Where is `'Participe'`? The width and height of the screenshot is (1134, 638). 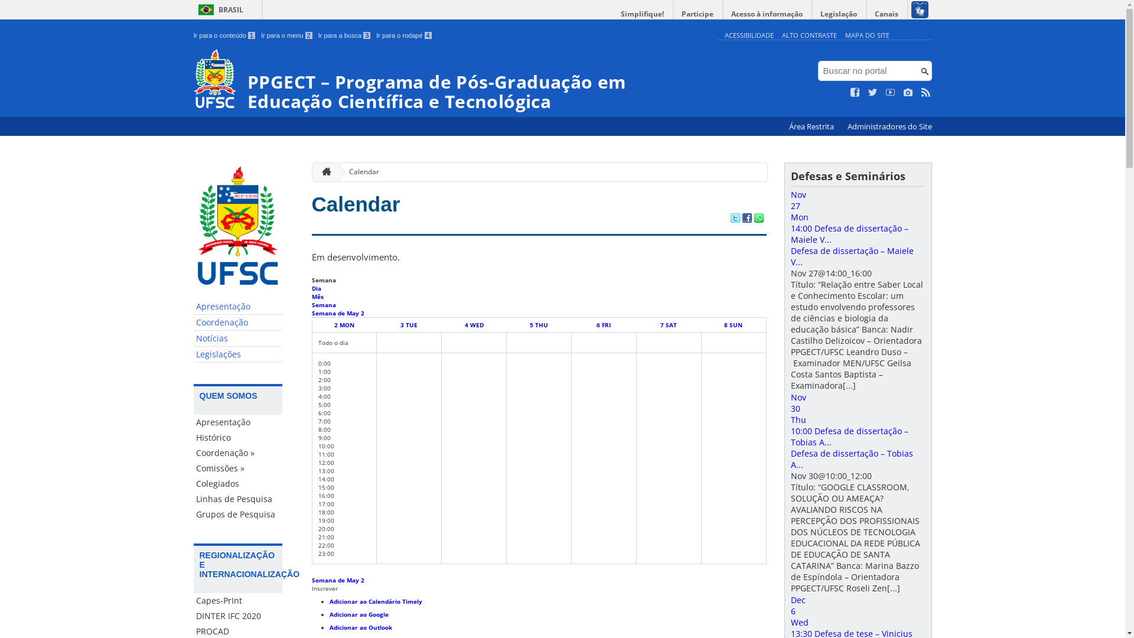
'Participe' is located at coordinates (697, 14).